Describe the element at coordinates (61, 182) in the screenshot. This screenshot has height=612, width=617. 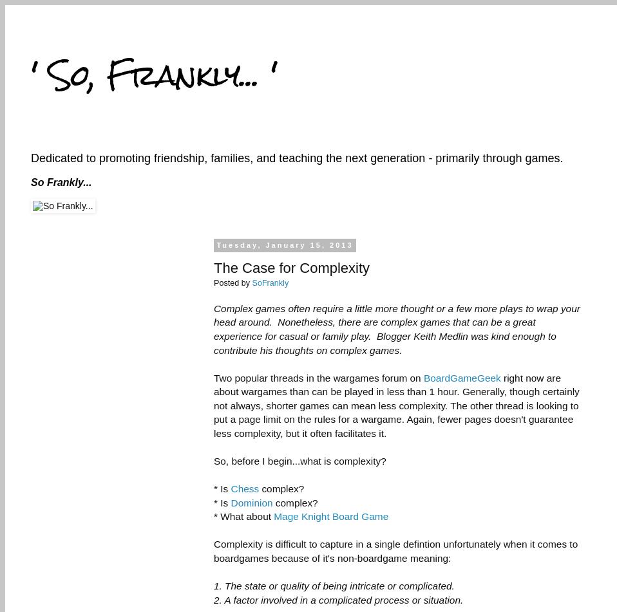
I see `'So Frankly...'` at that location.